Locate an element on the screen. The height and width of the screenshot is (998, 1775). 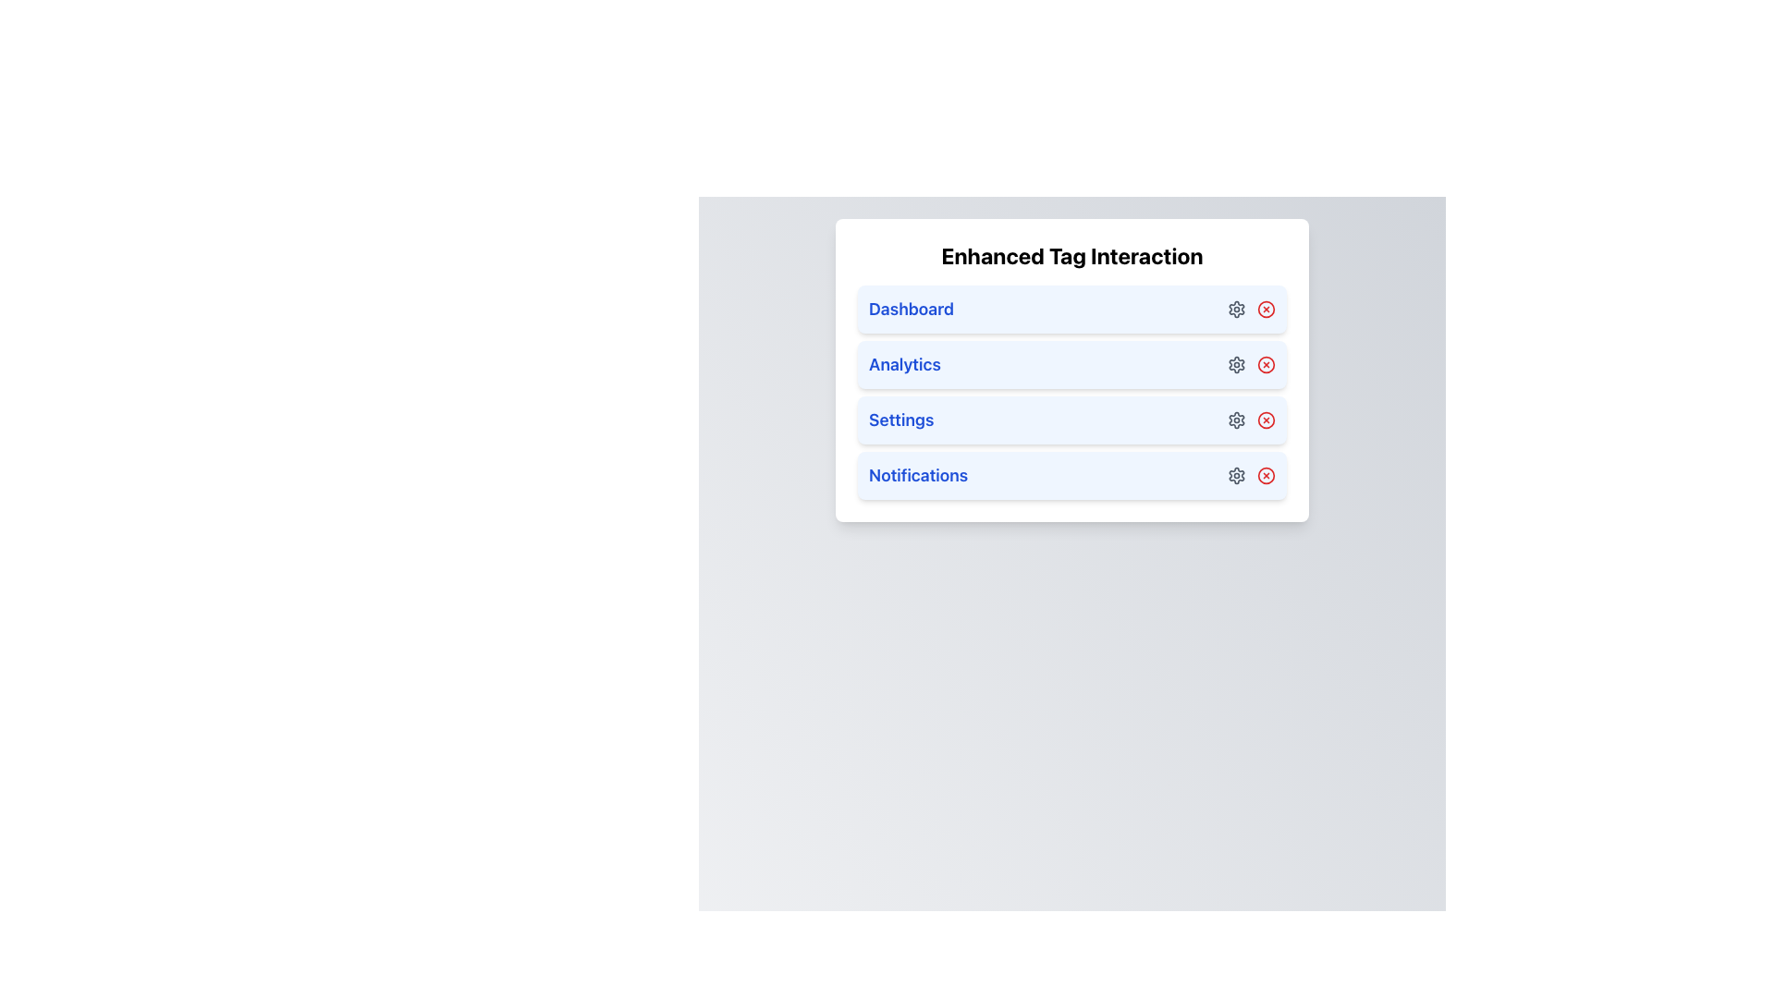
the 'Settings' button, which is the third element in a vertical list of four options, positioned between 'Analytics' above and 'Notifications' below is located at coordinates (1072, 420).